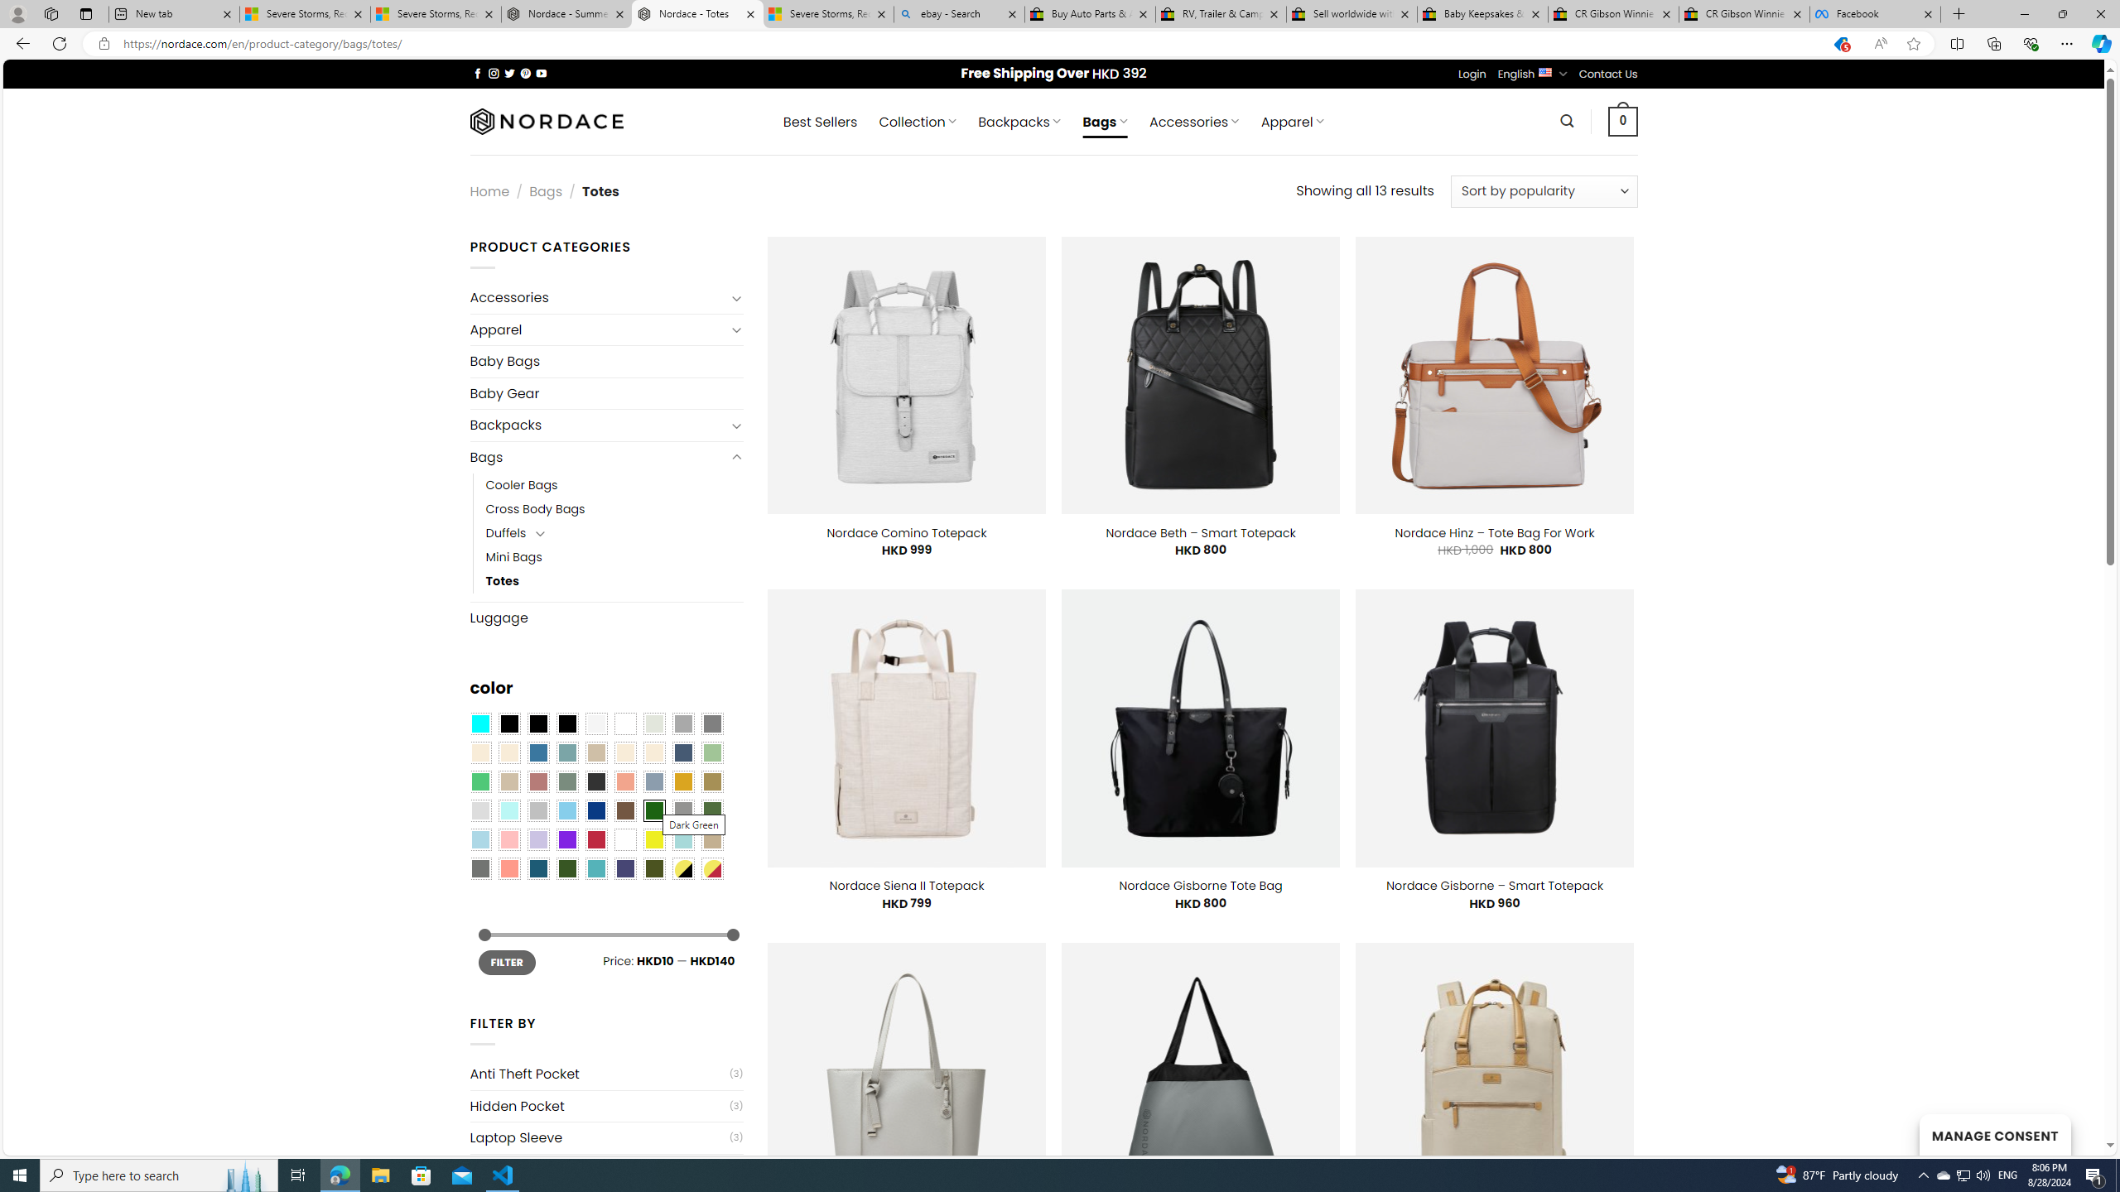 This screenshot has width=2120, height=1192. What do you see at coordinates (595, 839) in the screenshot?
I see `'Red'` at bounding box center [595, 839].